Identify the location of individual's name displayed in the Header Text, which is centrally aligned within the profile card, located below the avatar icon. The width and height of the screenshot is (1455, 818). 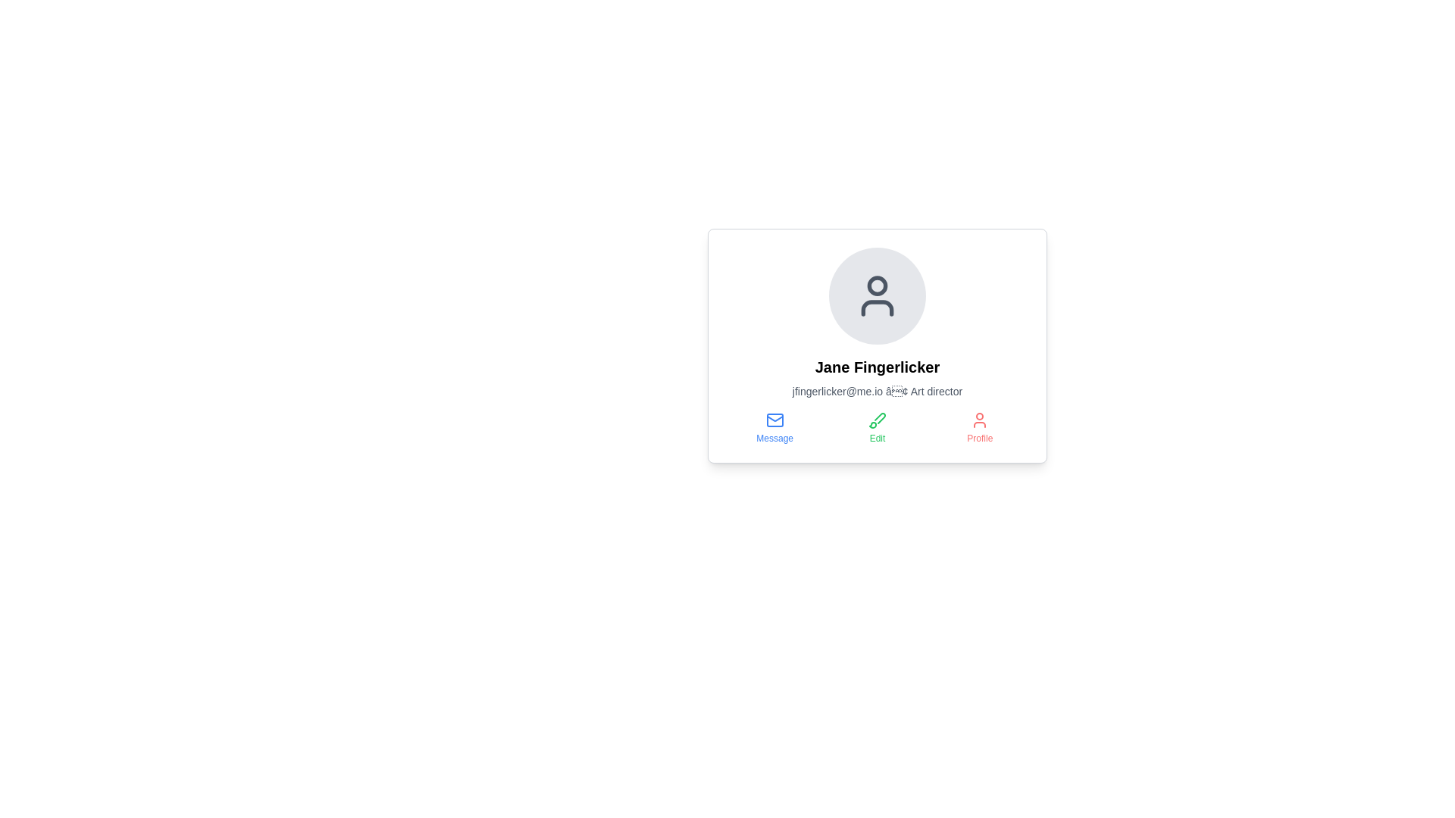
(877, 367).